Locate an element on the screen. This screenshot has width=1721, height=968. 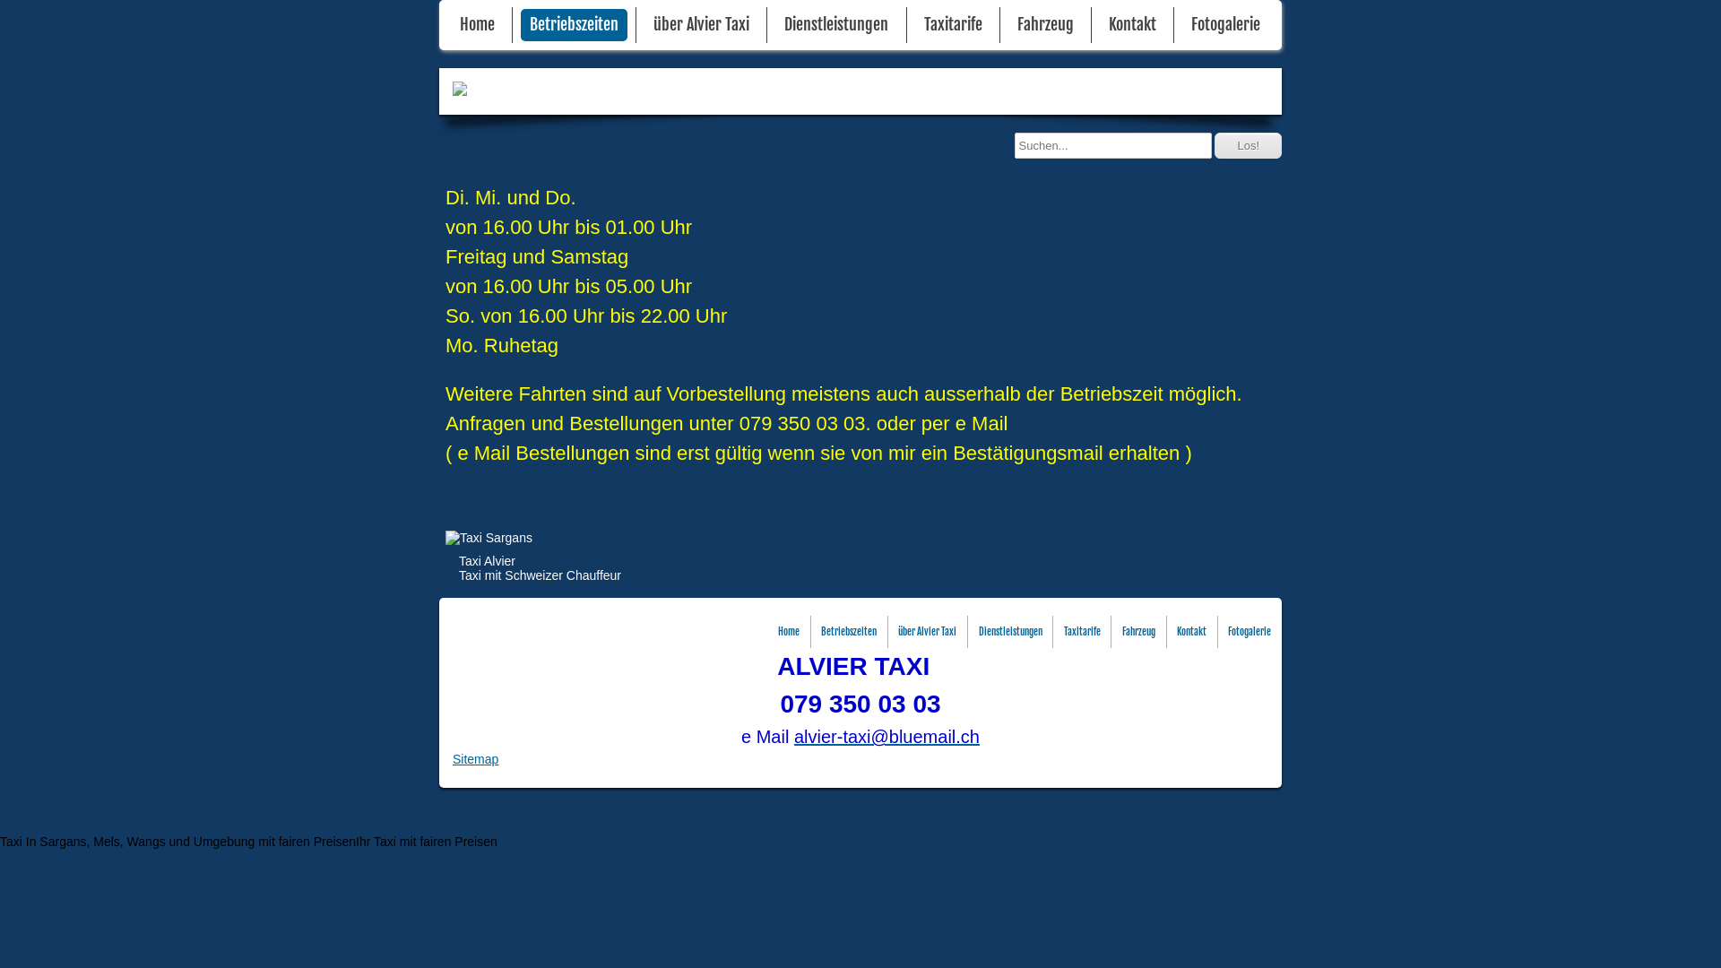
'Fahrzeug' is located at coordinates (1008, 24).